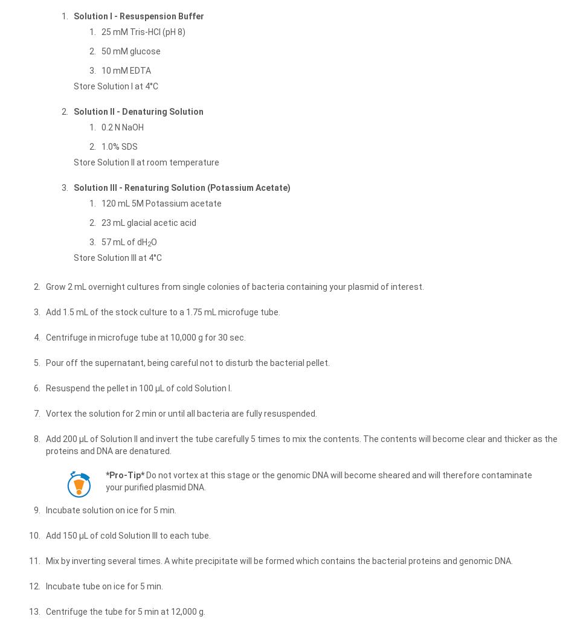 Image resolution: width=586 pixels, height=622 pixels. What do you see at coordinates (146, 161) in the screenshot?
I see `'Store Solution II at room temperature'` at bounding box center [146, 161].